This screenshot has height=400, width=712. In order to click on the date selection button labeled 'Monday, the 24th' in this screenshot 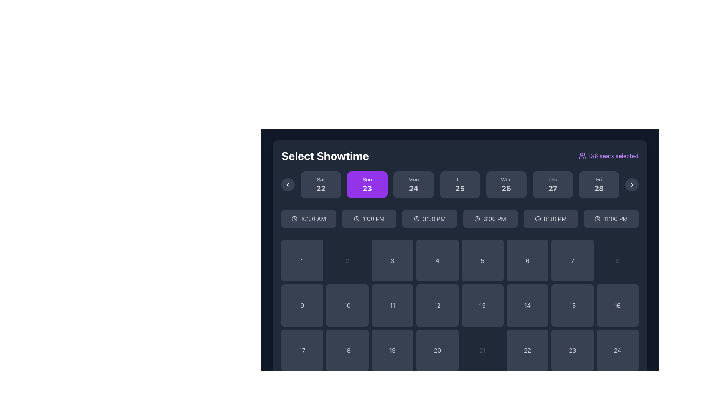, I will do `click(413, 184)`.